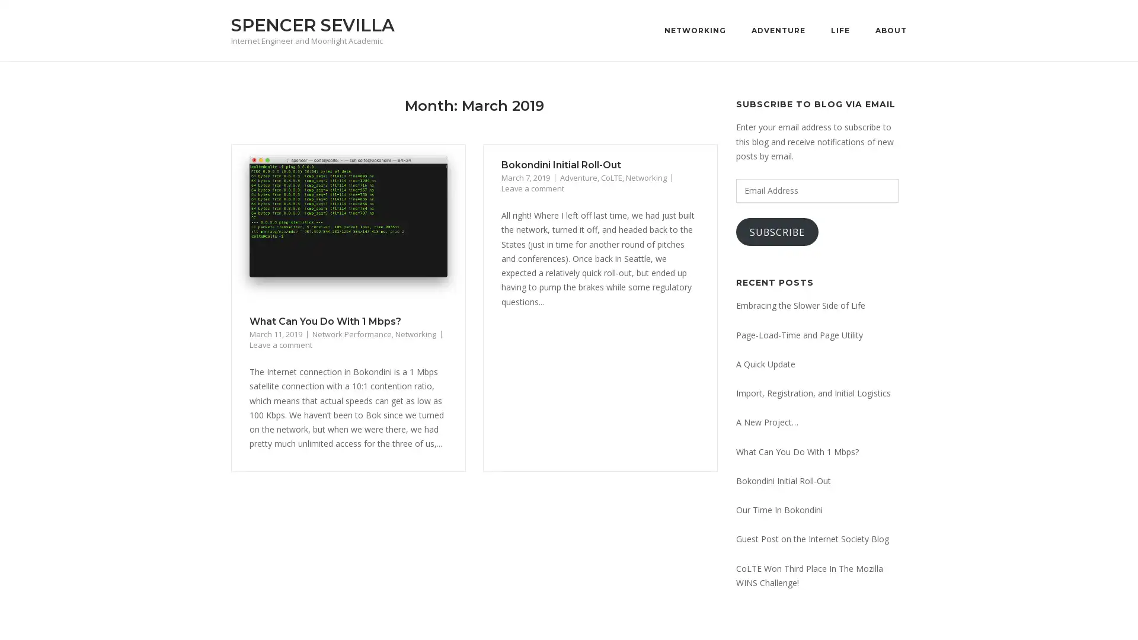  What do you see at coordinates (777, 232) in the screenshot?
I see `SUBSCRIBE` at bounding box center [777, 232].